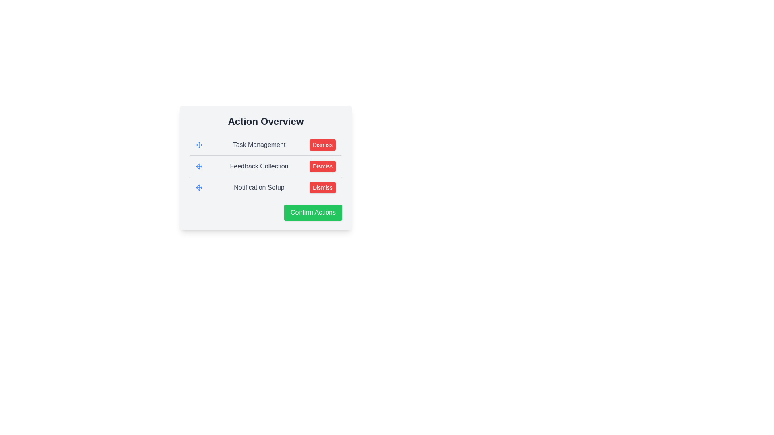 The image size is (774, 435). What do you see at coordinates (322, 188) in the screenshot?
I see `the 'Dismiss' button with a red background and white text, which is the last button in a vertical stack aligned to the right of 'Notification Setup', to trigger hover styling` at bounding box center [322, 188].